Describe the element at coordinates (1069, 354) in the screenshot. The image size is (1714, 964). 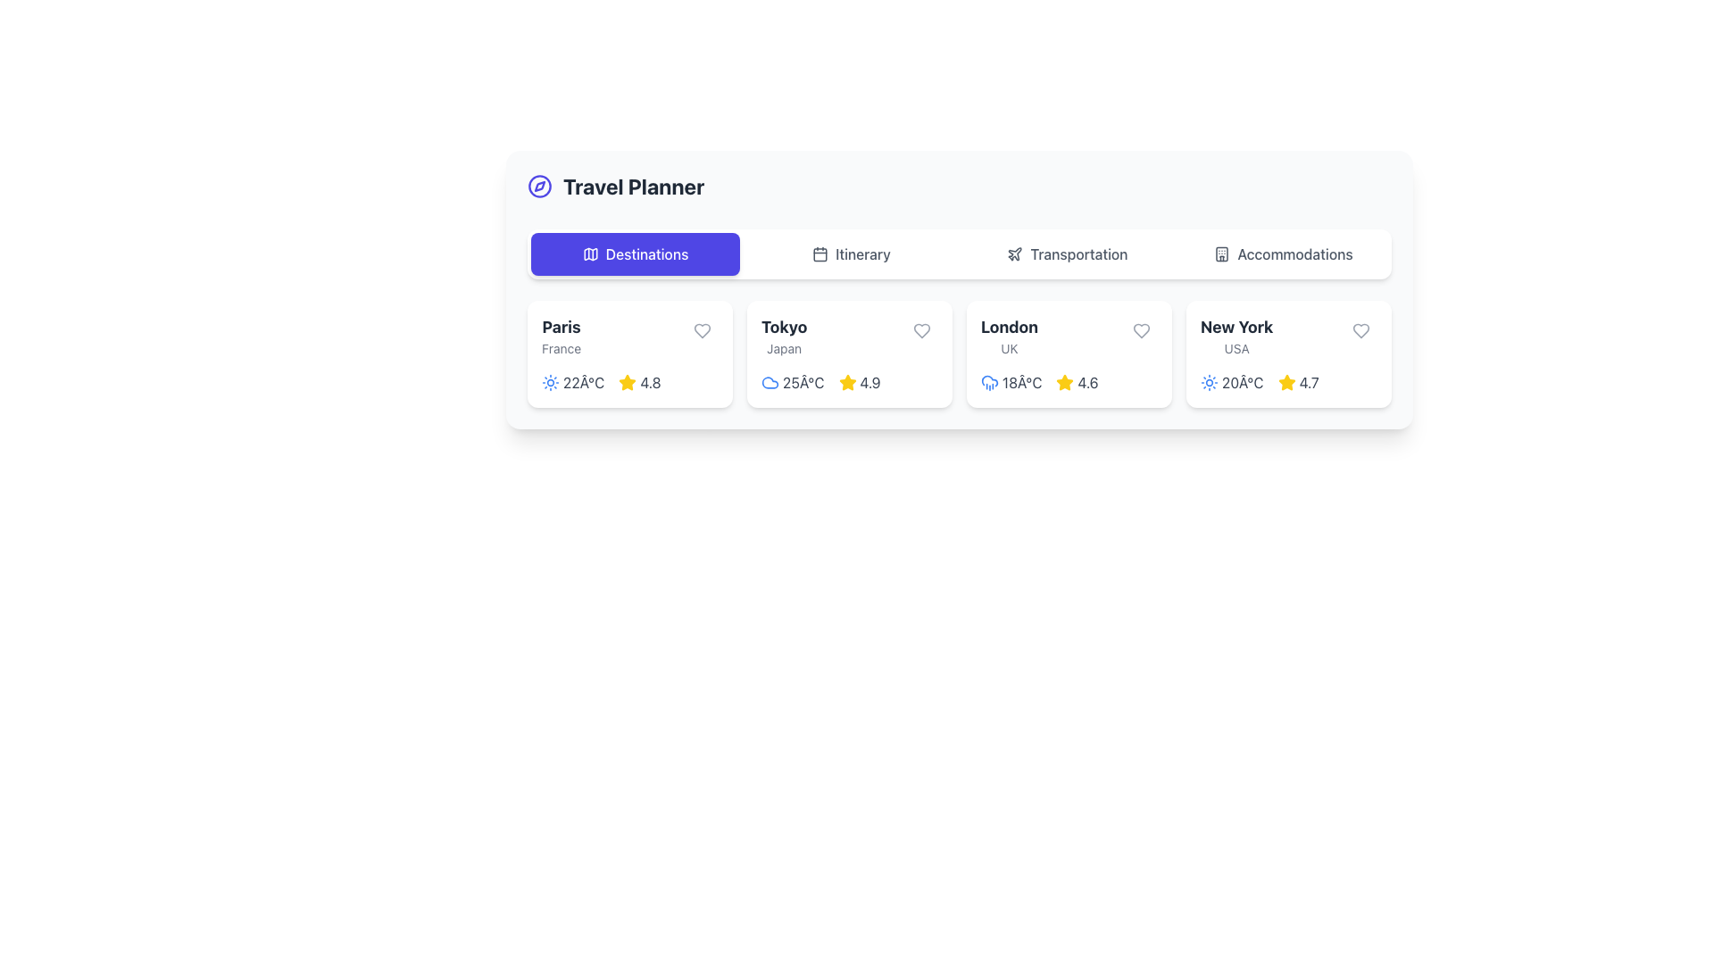
I see `the Informational card for London, UK` at that location.